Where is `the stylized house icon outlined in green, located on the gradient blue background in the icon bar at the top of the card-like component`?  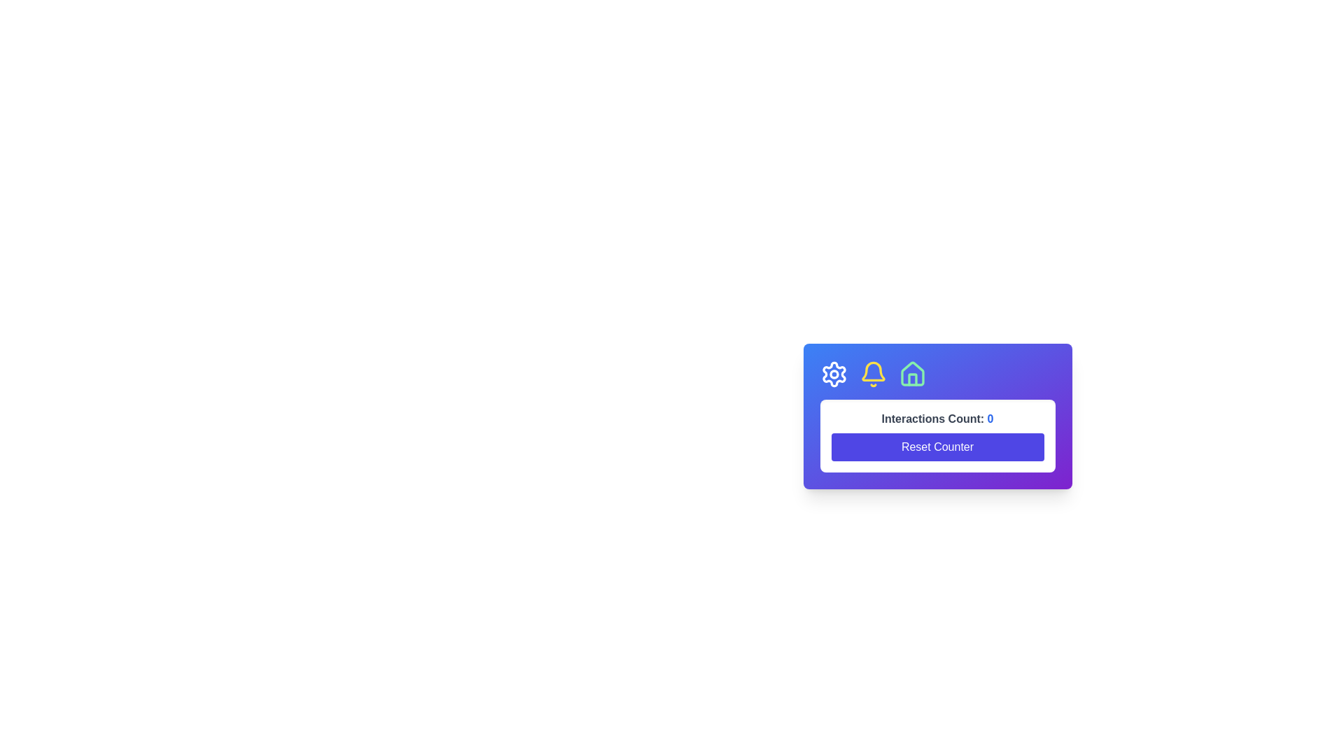
the stylized house icon outlined in green, located on the gradient blue background in the icon bar at the top of the card-like component is located at coordinates (912, 373).